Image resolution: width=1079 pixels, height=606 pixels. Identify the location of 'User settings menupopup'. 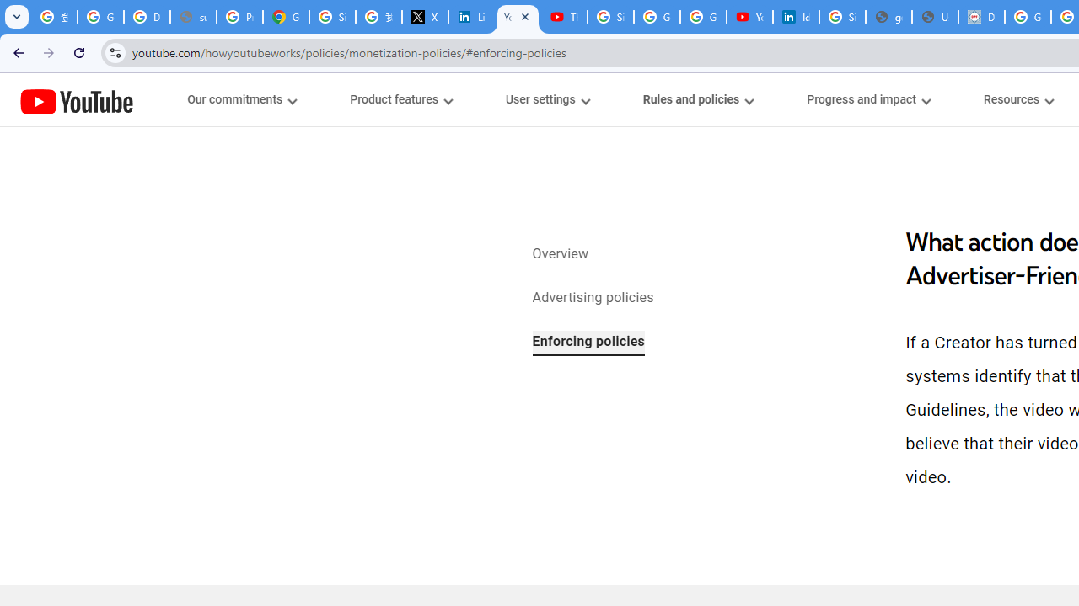
(546, 99).